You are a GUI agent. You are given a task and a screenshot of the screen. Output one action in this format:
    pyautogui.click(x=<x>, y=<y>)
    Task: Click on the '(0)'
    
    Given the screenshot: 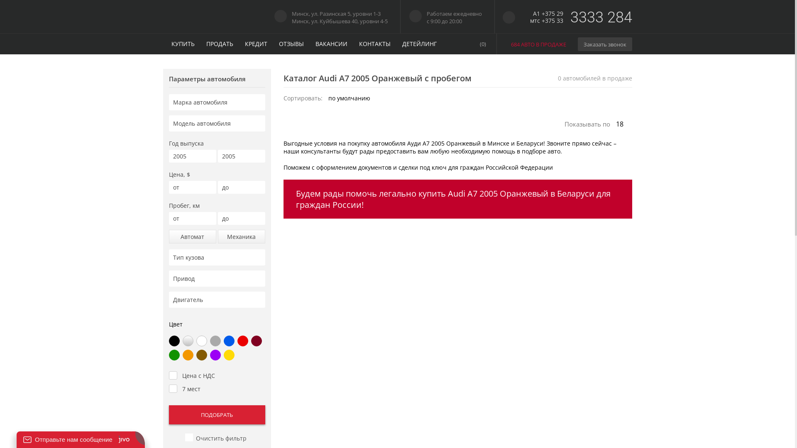 What is the action you would take?
    pyautogui.click(x=469, y=44)
    